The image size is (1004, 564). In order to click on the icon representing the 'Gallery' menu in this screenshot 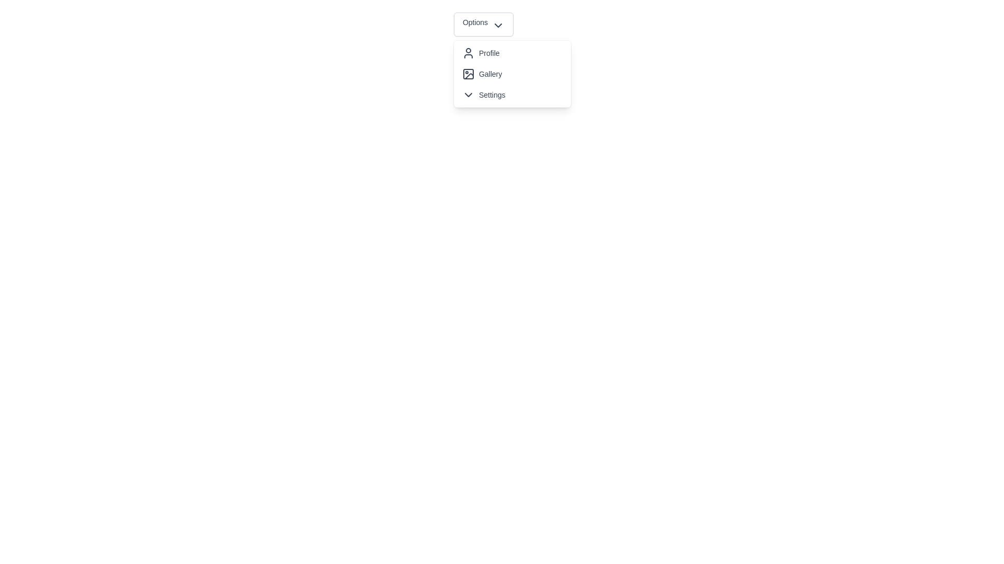, I will do `click(469, 76)`.